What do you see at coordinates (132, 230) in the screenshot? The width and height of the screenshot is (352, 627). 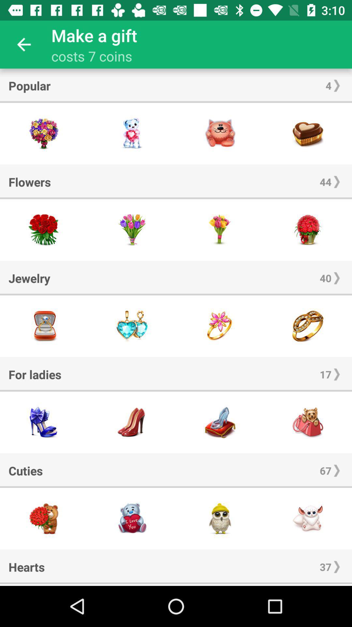 I see `flower` at bounding box center [132, 230].